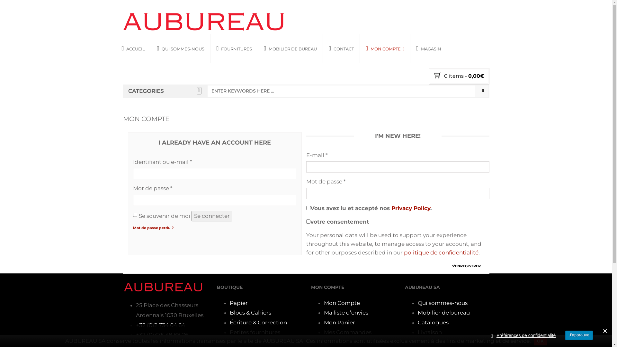 The width and height of the screenshot is (617, 347). Describe the element at coordinates (250, 312) in the screenshot. I see `'Blocs & Cahiers'` at that location.